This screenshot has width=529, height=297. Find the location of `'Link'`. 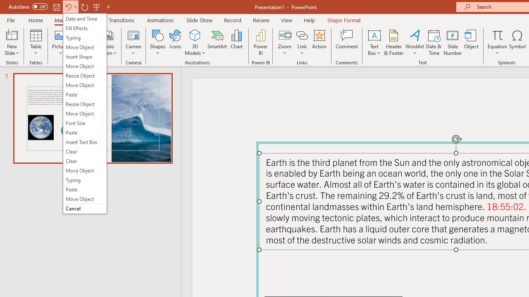

'Link' is located at coordinates (302, 42).